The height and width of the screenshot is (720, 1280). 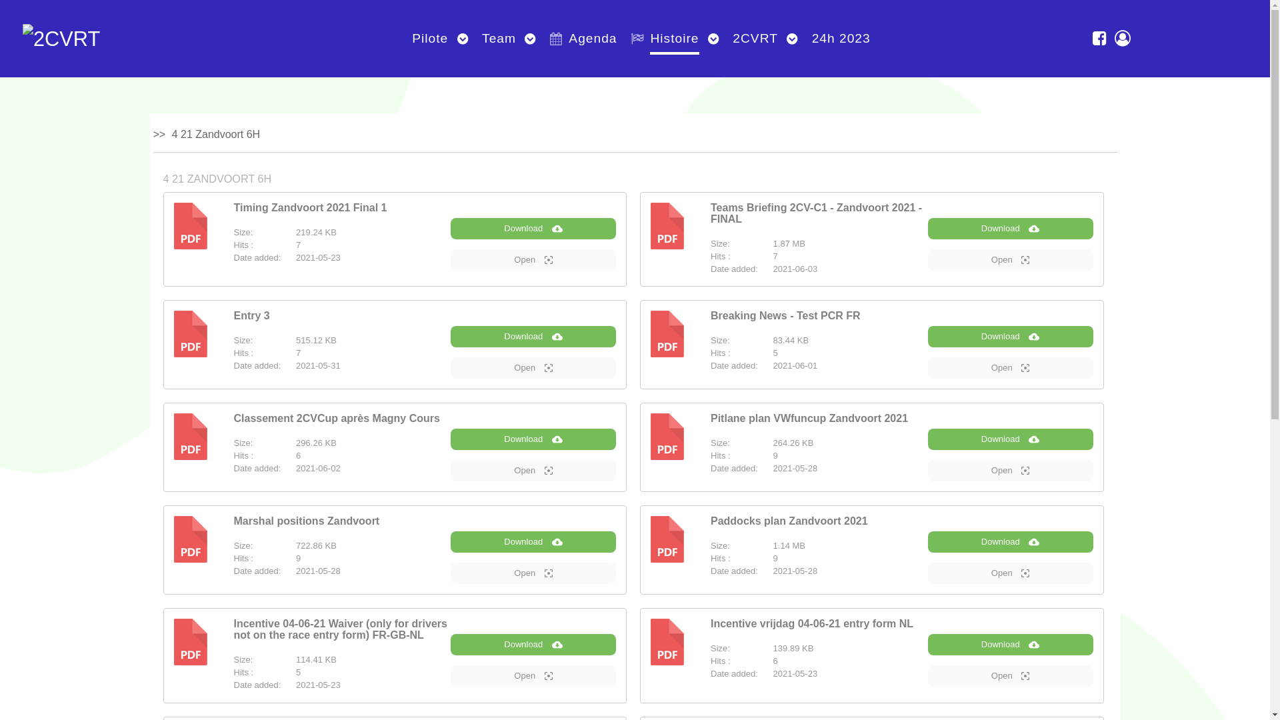 I want to click on 'Open', so click(x=533, y=469).